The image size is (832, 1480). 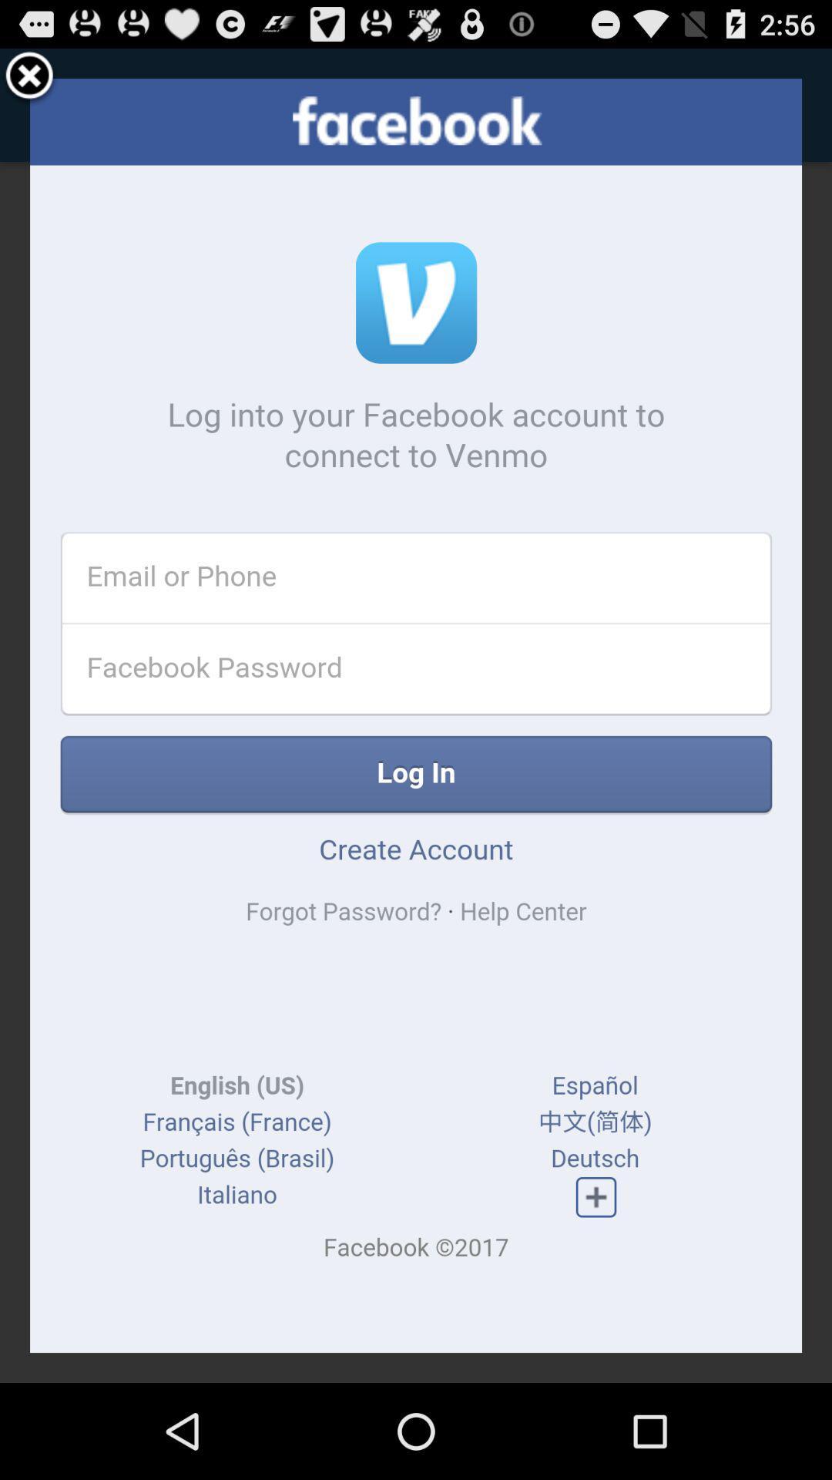 What do you see at coordinates (29, 82) in the screenshot?
I see `the close icon` at bounding box center [29, 82].